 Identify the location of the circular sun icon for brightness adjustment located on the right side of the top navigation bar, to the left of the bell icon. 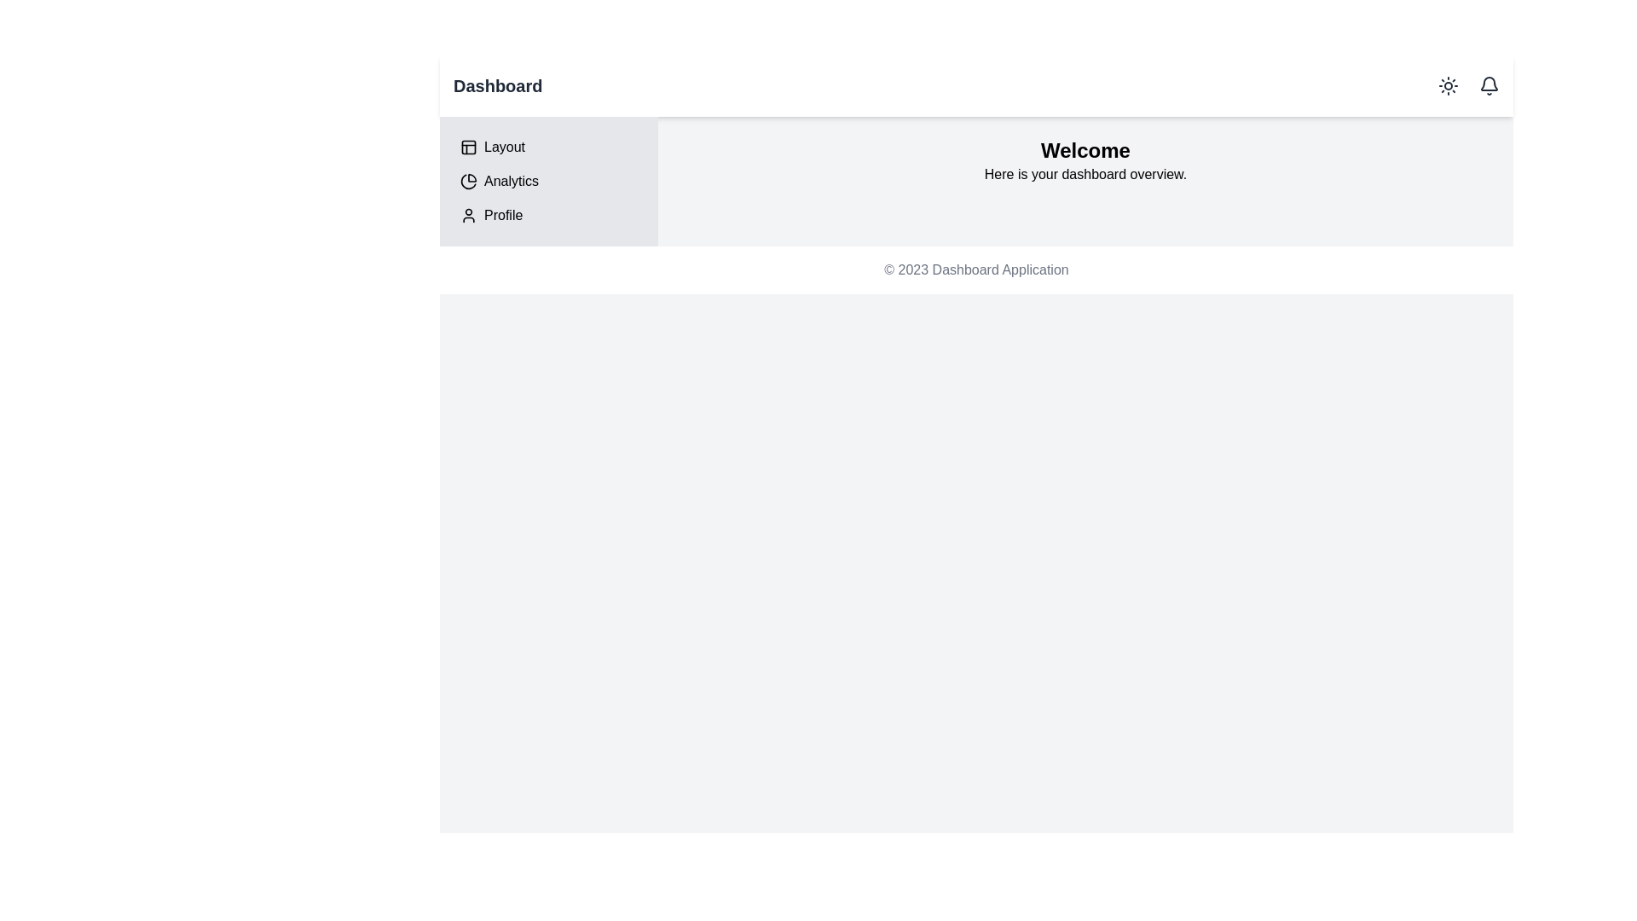
(1448, 85).